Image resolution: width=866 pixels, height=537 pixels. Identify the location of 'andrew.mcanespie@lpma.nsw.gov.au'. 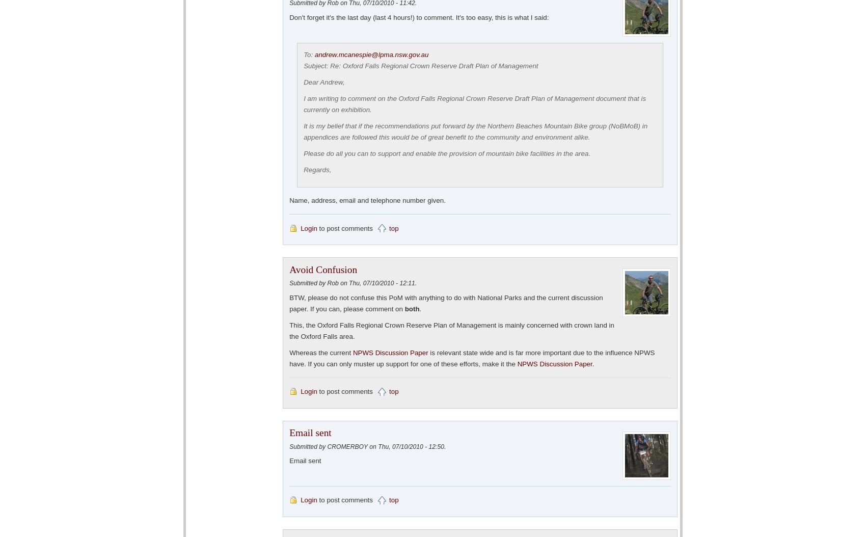
(371, 54).